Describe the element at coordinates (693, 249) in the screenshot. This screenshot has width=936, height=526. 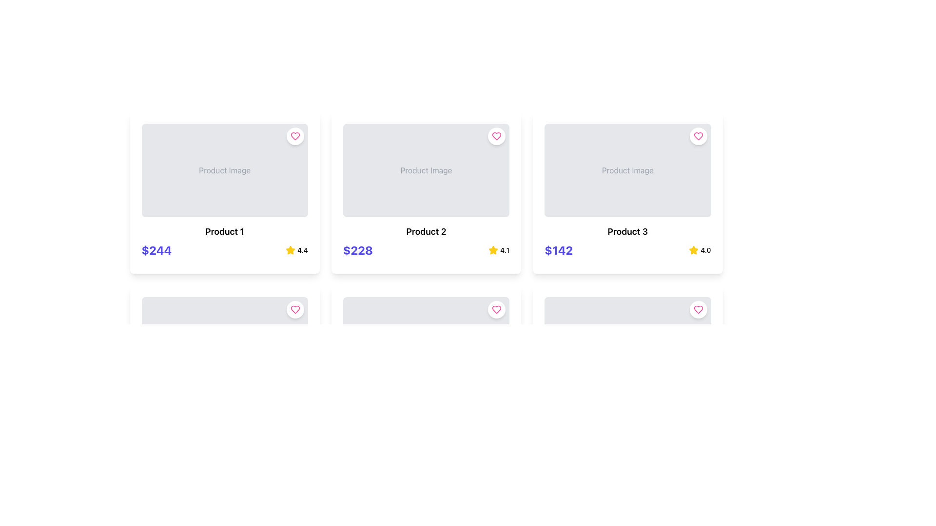
I see `the glowing yellow star icon located in the third product card from the left in the first row` at that location.